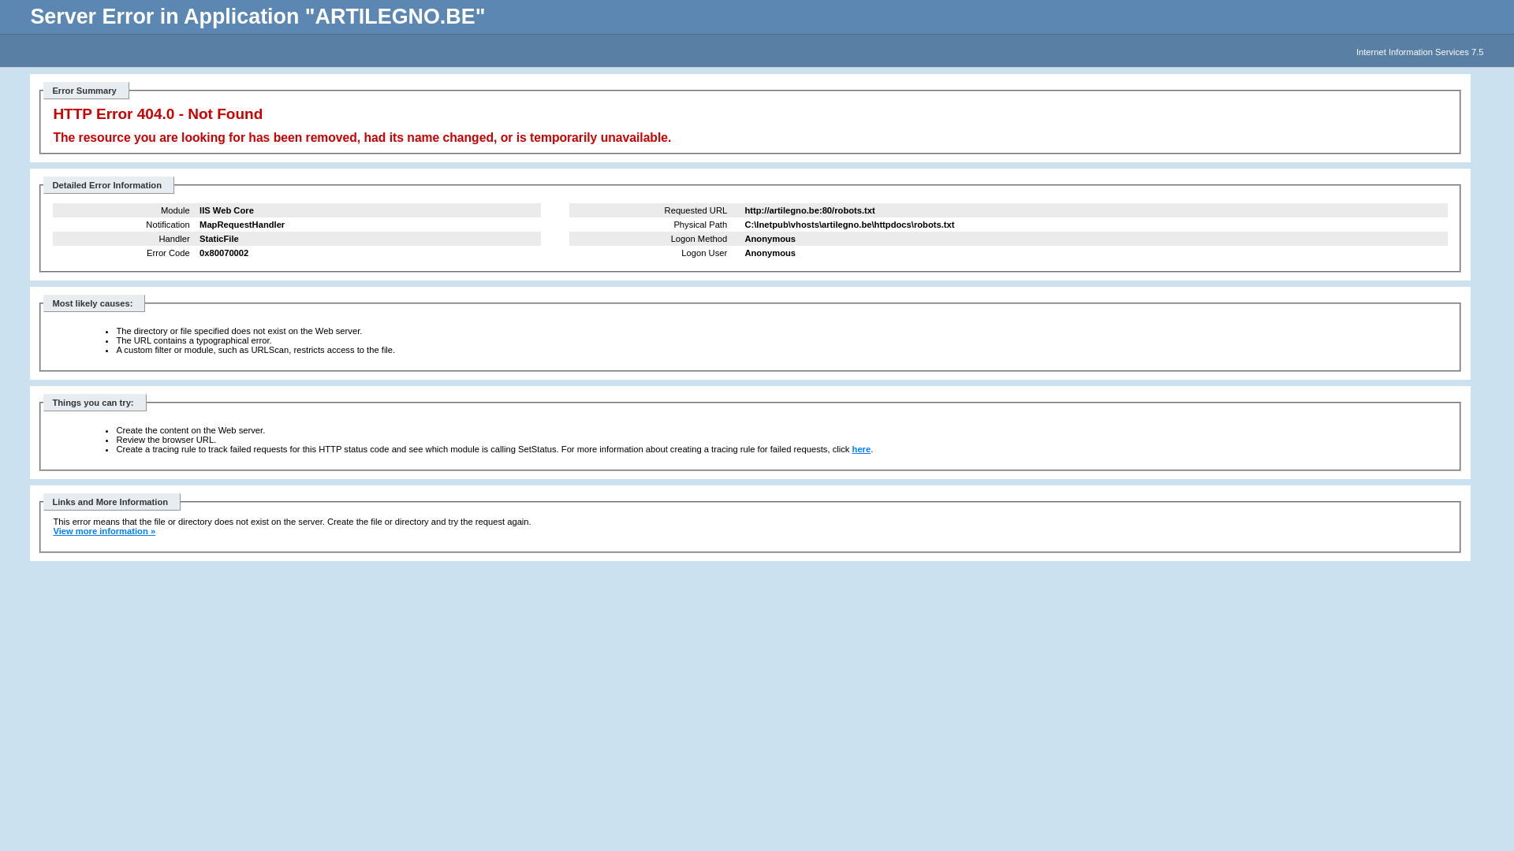  Describe the element at coordinates (861, 449) in the screenshot. I see `'here'` at that location.